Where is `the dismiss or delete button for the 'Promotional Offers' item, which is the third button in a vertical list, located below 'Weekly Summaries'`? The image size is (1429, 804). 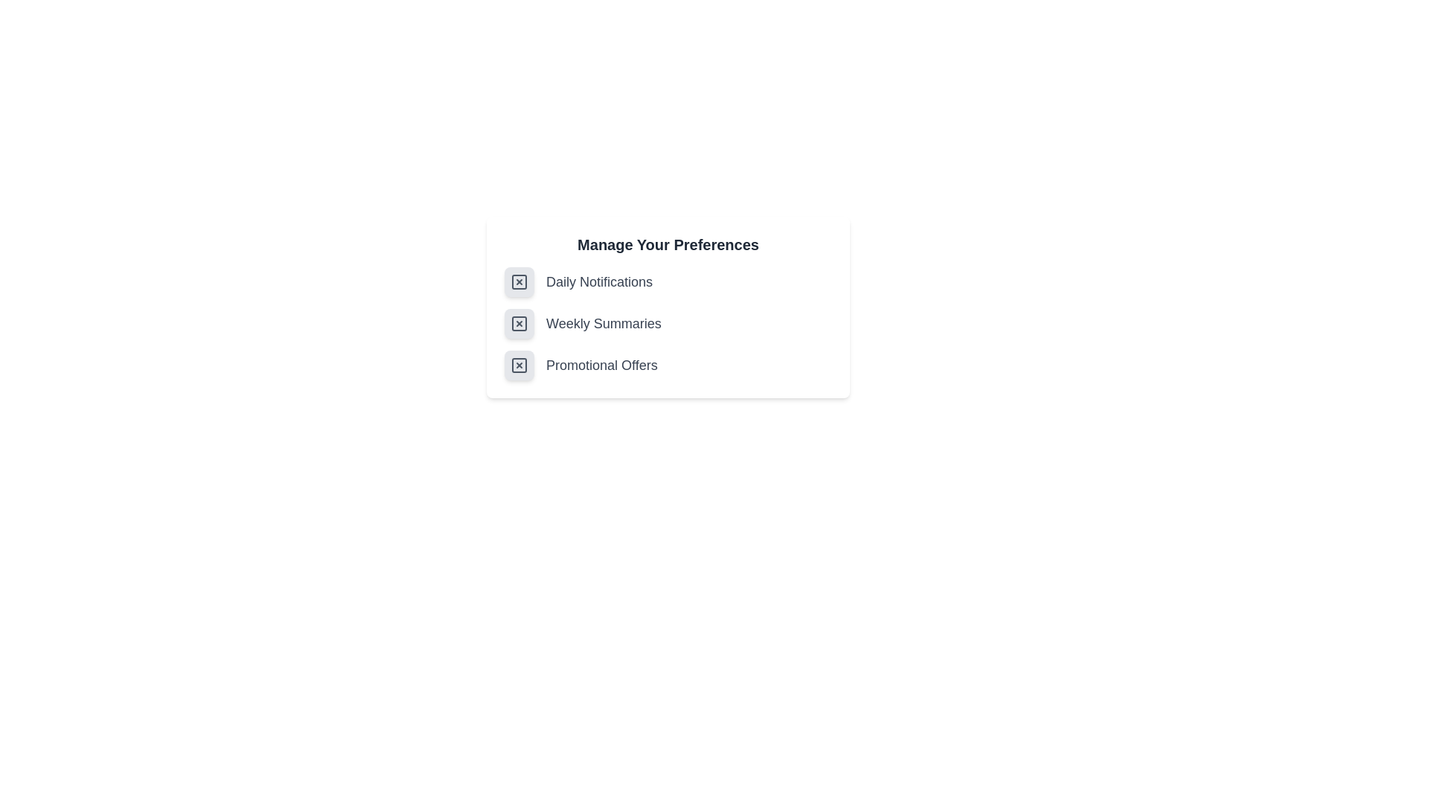
the dismiss or delete button for the 'Promotional Offers' item, which is the third button in a vertical list, located below 'Weekly Summaries' is located at coordinates (519, 365).